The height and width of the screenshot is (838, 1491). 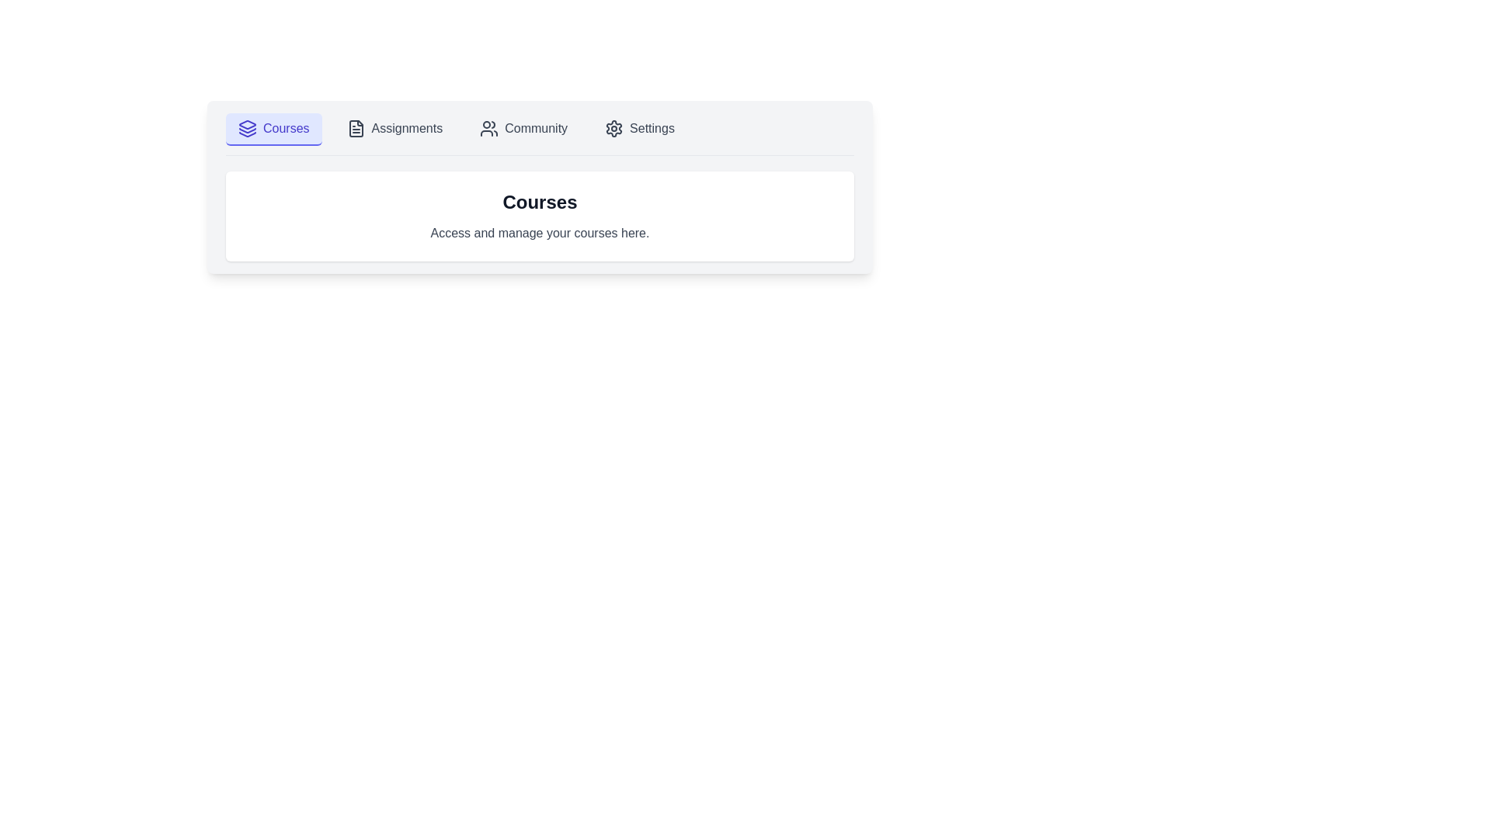 What do you see at coordinates (246, 130) in the screenshot?
I see `the 'Courses' tab icon` at bounding box center [246, 130].